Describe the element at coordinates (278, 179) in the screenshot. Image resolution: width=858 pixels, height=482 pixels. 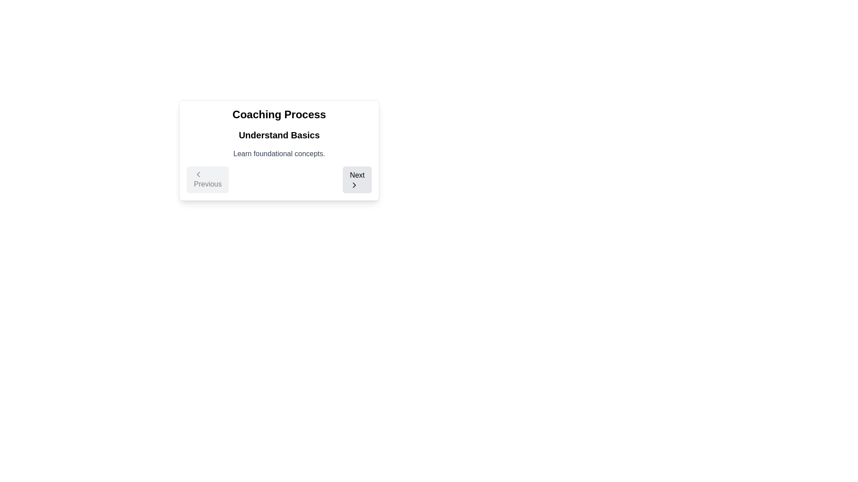
I see `the navigation bar containing 'Previous' and 'Next' buttons` at that location.